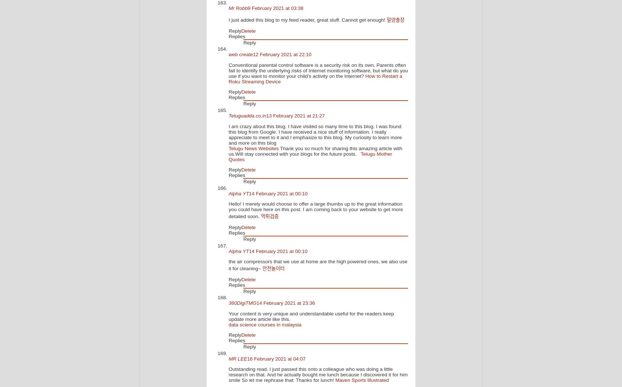 Image resolution: width=622 pixels, height=387 pixels. I want to click on '12 February 2021 at 22:10', so click(282, 54).